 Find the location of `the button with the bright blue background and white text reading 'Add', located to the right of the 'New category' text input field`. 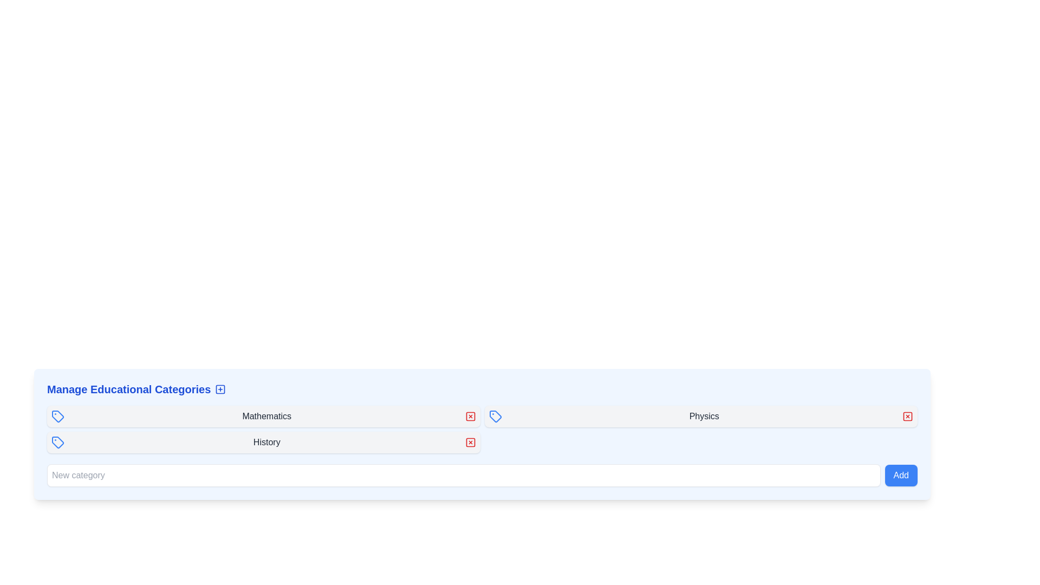

the button with the bright blue background and white text reading 'Add', located to the right of the 'New category' text input field is located at coordinates (901, 475).